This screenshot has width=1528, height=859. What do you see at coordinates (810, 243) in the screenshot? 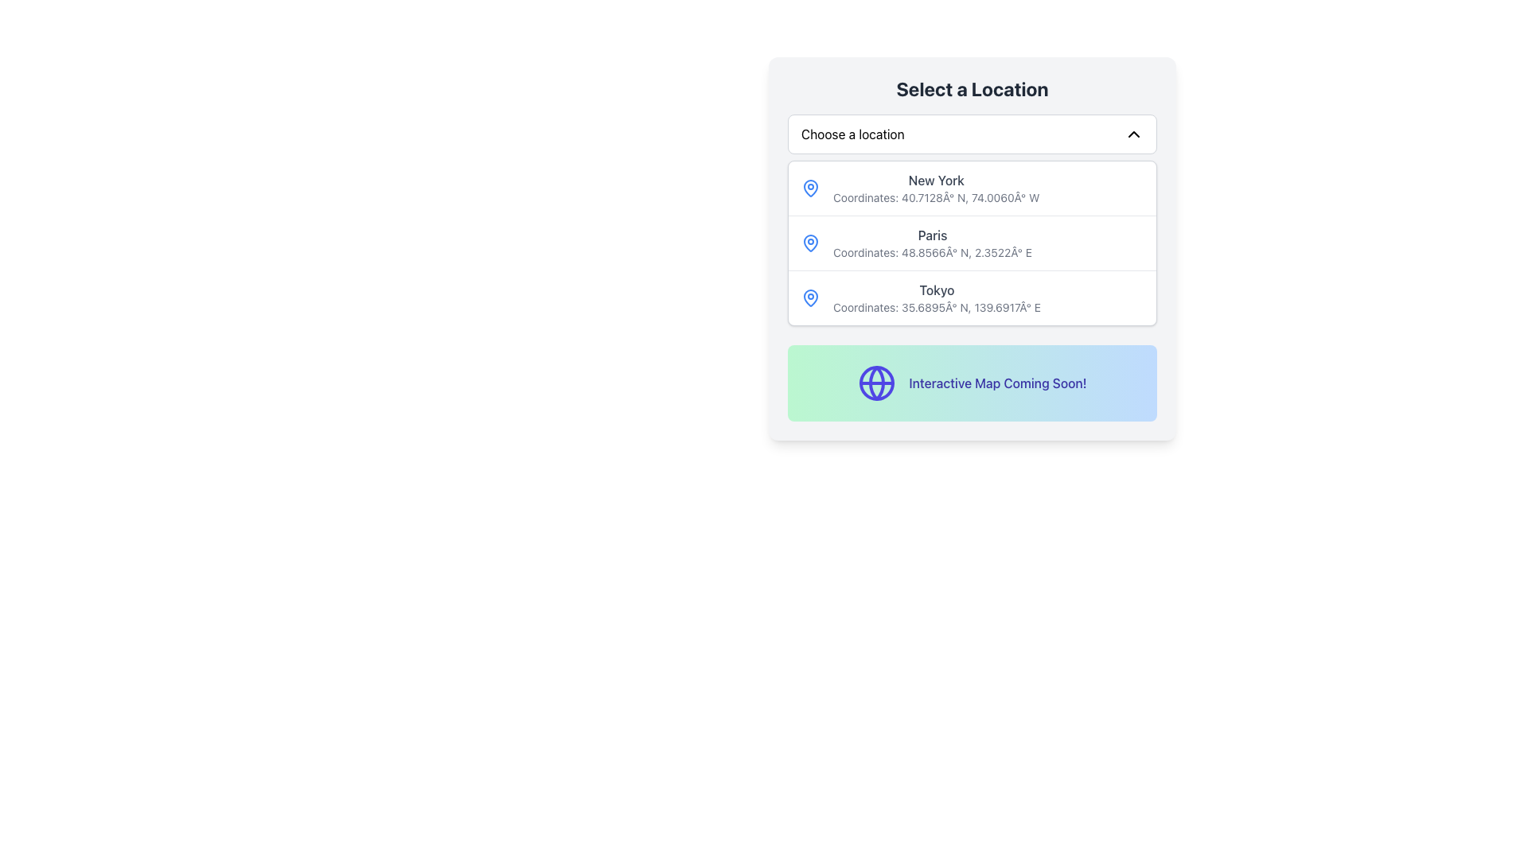
I see `the blue map pin icon located in the first position of the list item indicating 'Paris' in the location selection interface` at bounding box center [810, 243].